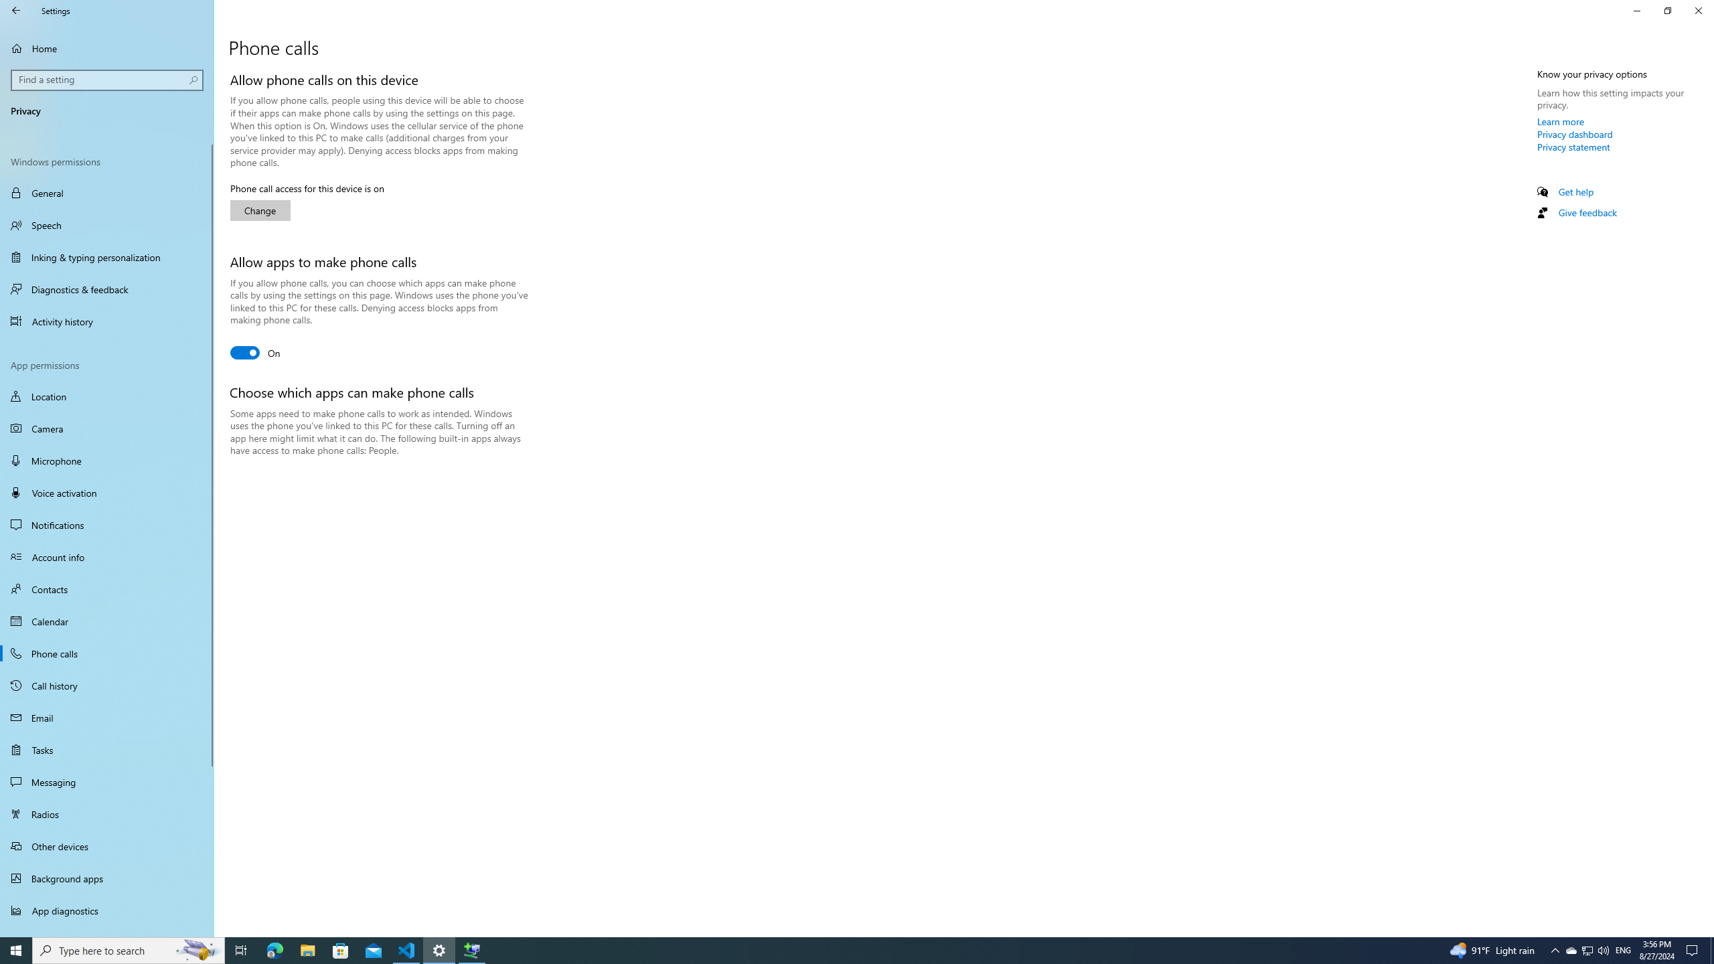 The height and width of the screenshot is (964, 1714). Describe the element at coordinates (106, 321) in the screenshot. I see `'Activity history'` at that location.